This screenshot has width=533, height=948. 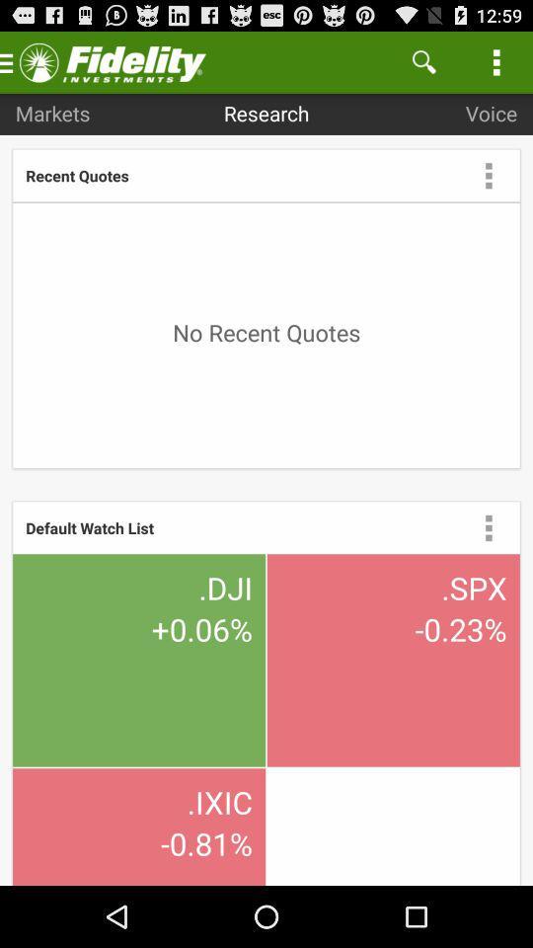 What do you see at coordinates (488, 188) in the screenshot?
I see `the more icon` at bounding box center [488, 188].